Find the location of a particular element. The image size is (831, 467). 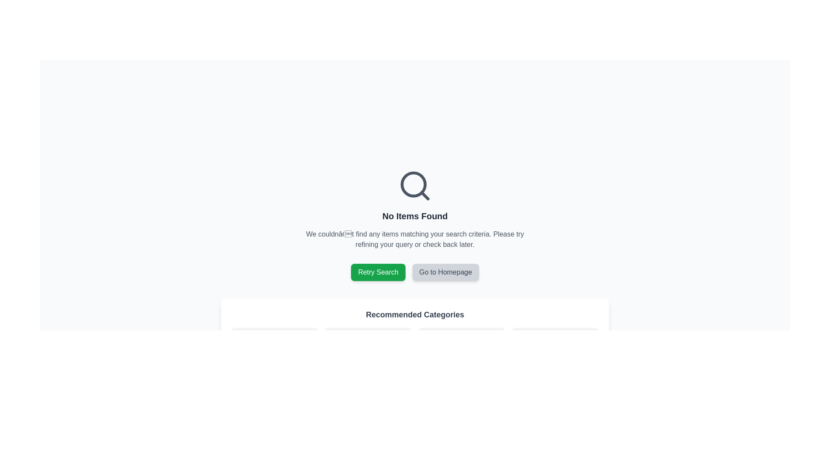

the 'Home' category card located in the bottom-right corner of the grid layout is located at coordinates (555, 348).